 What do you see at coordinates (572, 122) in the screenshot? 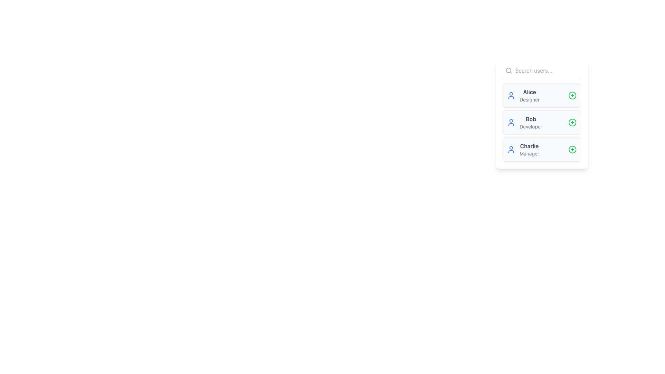
I see `the layout of the Circle graphic element, which serves as the circular border of an interactive plus button located to the right of 'Bob, Developer'` at bounding box center [572, 122].